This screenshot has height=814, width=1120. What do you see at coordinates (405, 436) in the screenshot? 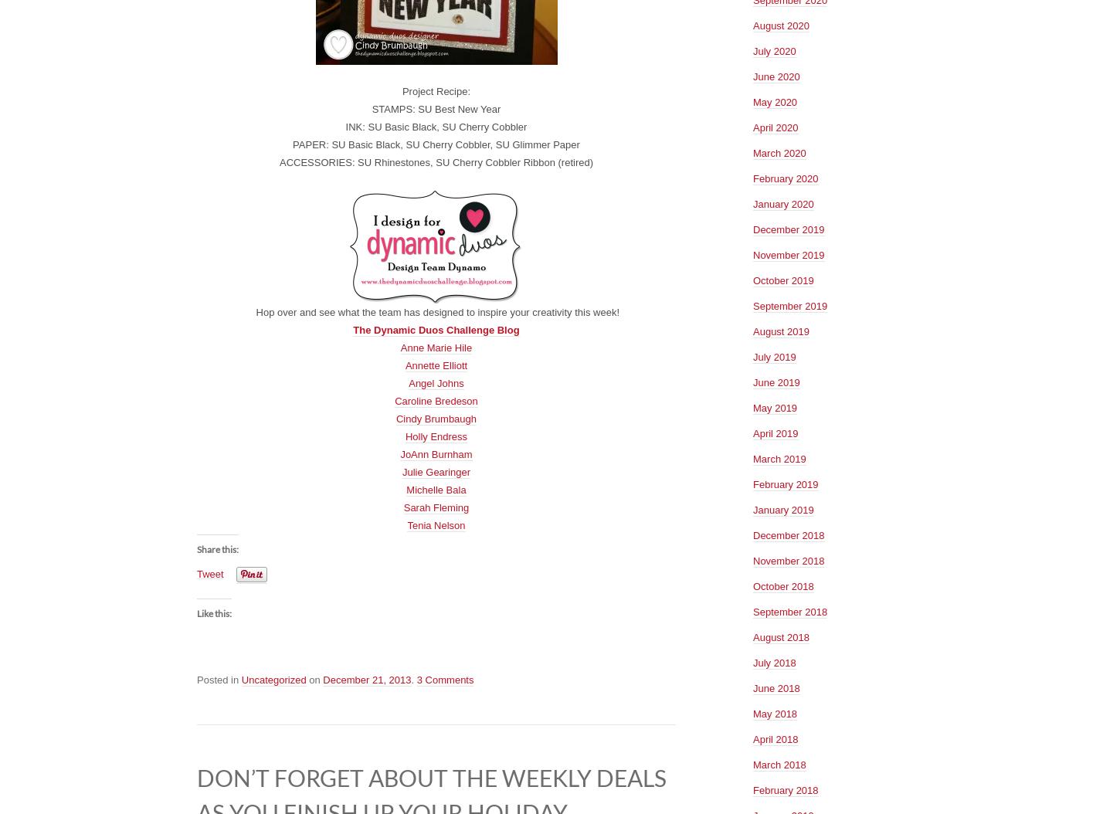
I see `'Holly Endress'` at bounding box center [405, 436].